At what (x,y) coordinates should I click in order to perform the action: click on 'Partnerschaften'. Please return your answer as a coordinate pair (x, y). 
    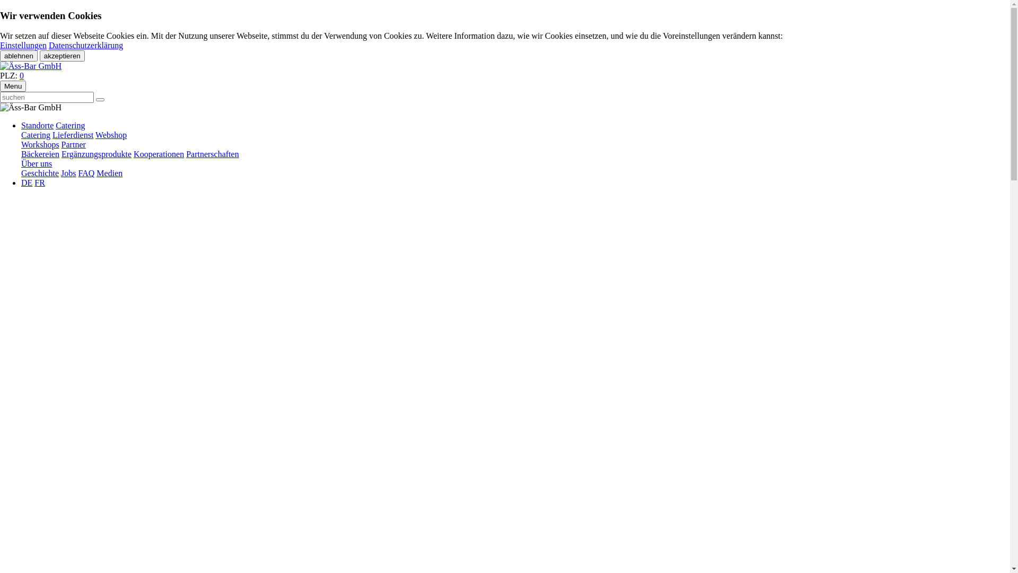
    Looking at the image, I should click on (212, 154).